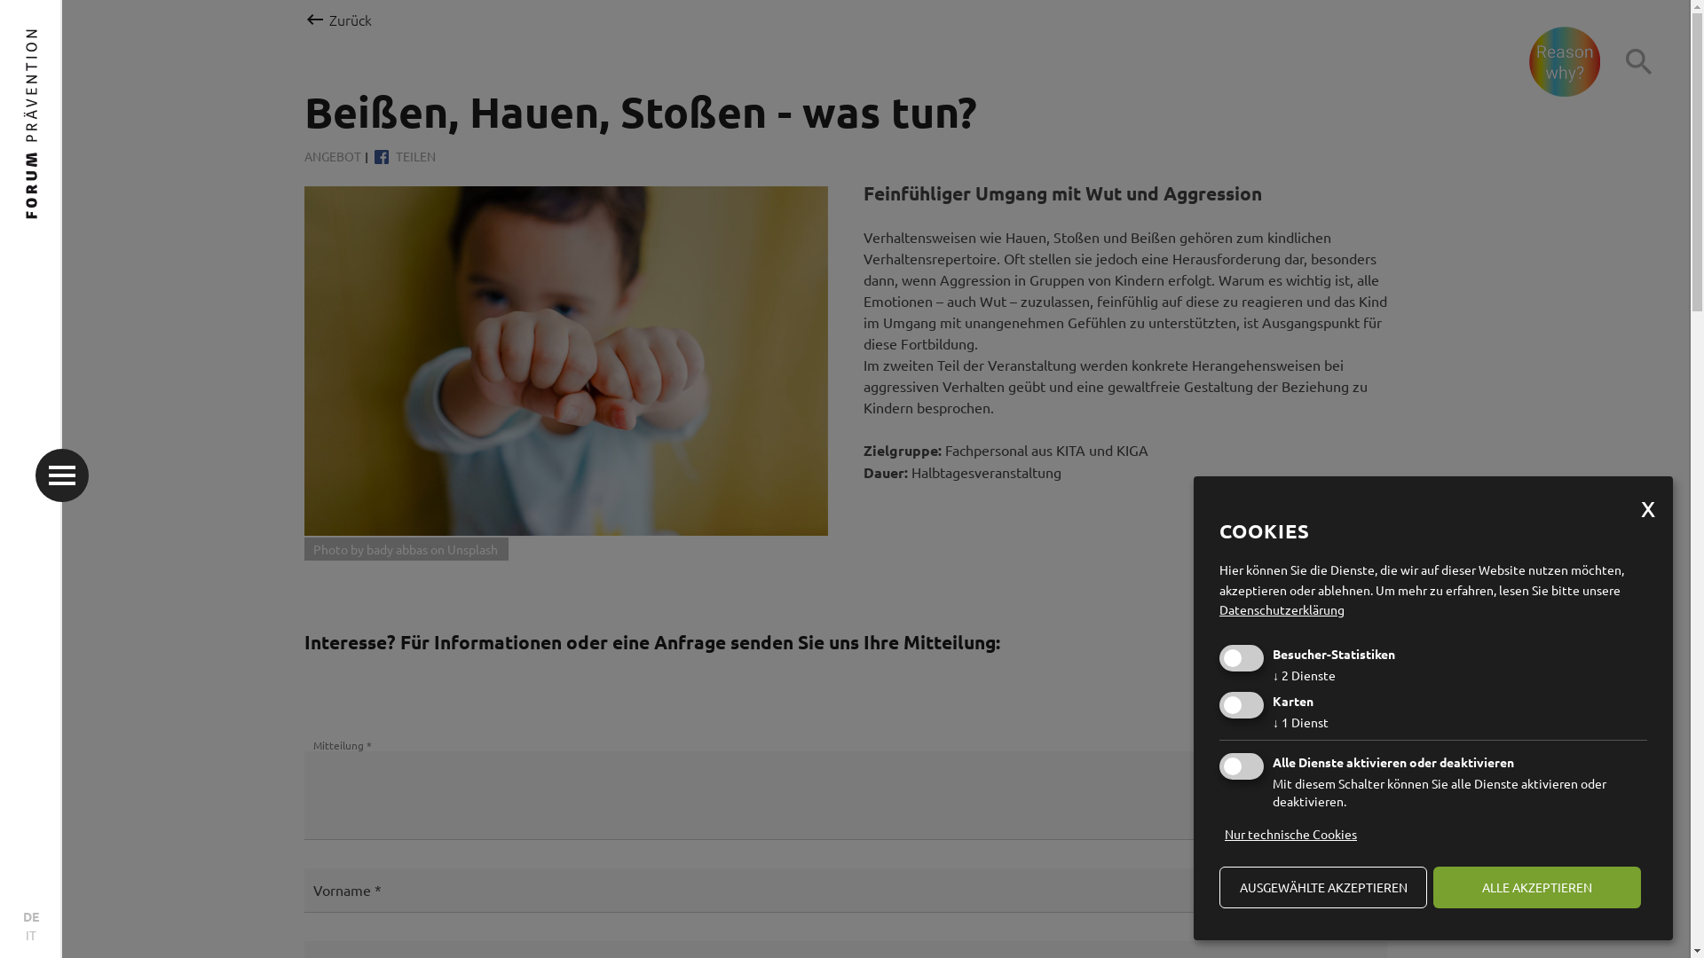 The width and height of the screenshot is (1704, 958). Describe the element at coordinates (1218, 834) in the screenshot. I see `'Nur technische Cookies'` at that location.